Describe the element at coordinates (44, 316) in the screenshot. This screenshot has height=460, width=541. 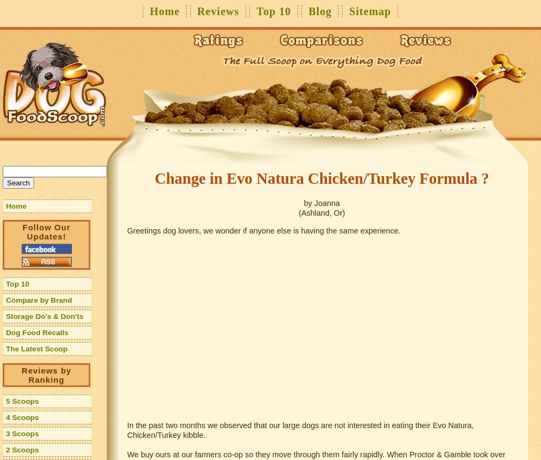
I see `'Storage Do's & Don'ts'` at that location.